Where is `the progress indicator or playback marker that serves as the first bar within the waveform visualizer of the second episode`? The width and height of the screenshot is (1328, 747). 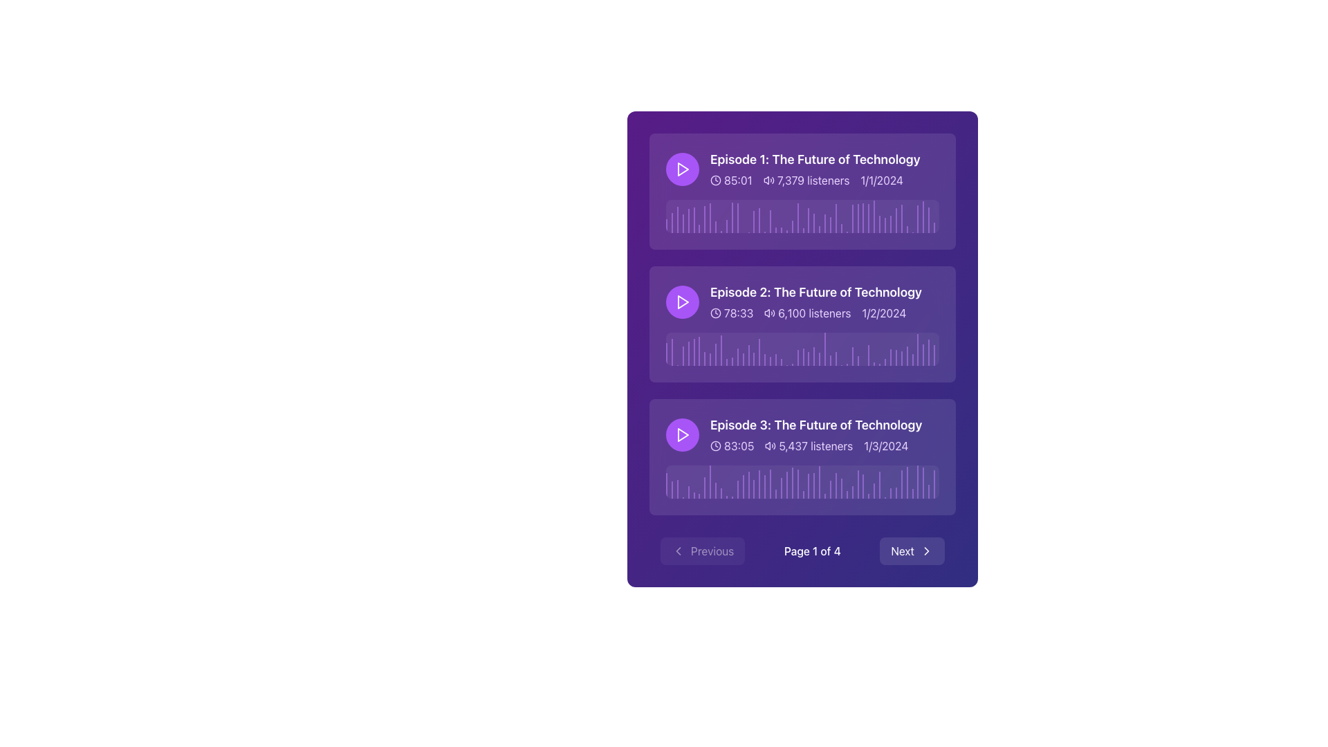
the progress indicator or playback marker that serves as the first bar within the waveform visualizer of the second episode is located at coordinates (667, 353).